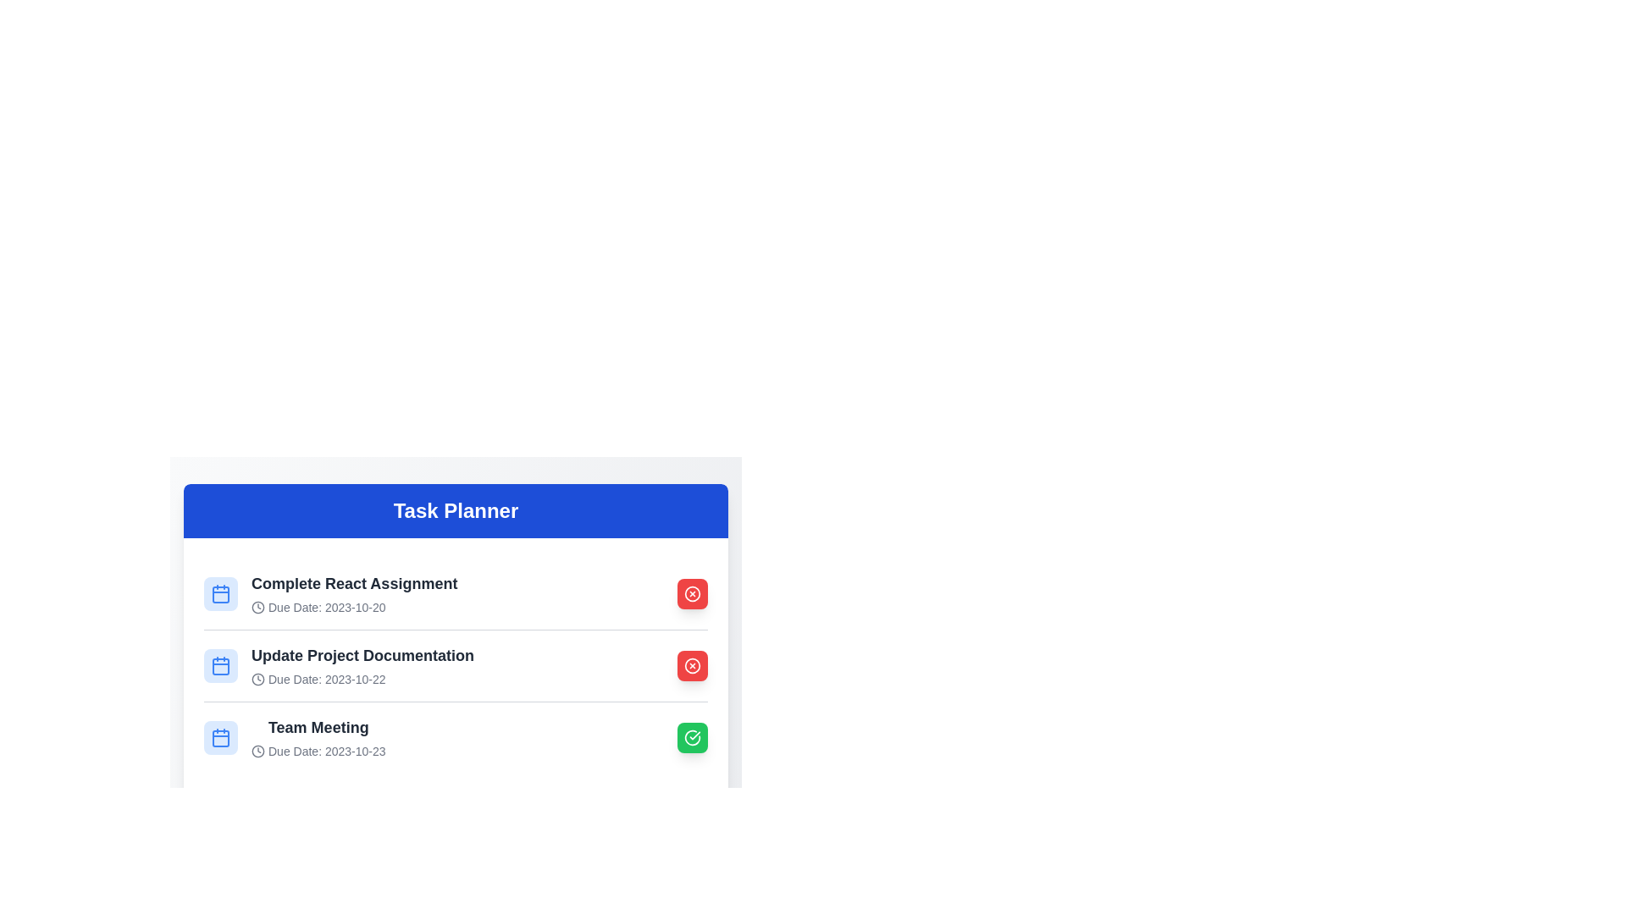 This screenshot has width=1626, height=914. What do you see at coordinates (362, 678) in the screenshot?
I see `the text label indicating the due date 'Due Date: 2023-10-22' that is part of the task 'Update Project Documentation' in the task list, which is visually accompanied by a clock icon` at bounding box center [362, 678].